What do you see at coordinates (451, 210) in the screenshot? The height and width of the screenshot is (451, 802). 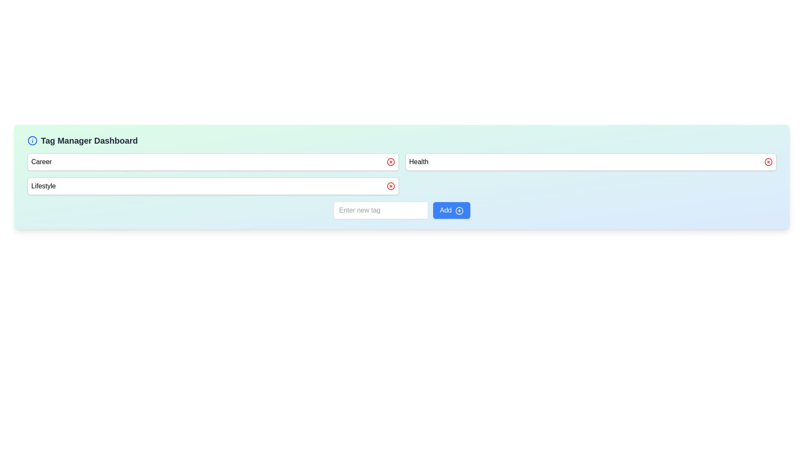 I see `the 'Add Tag' button located to the right of the 'Enter new tag' input field` at bounding box center [451, 210].